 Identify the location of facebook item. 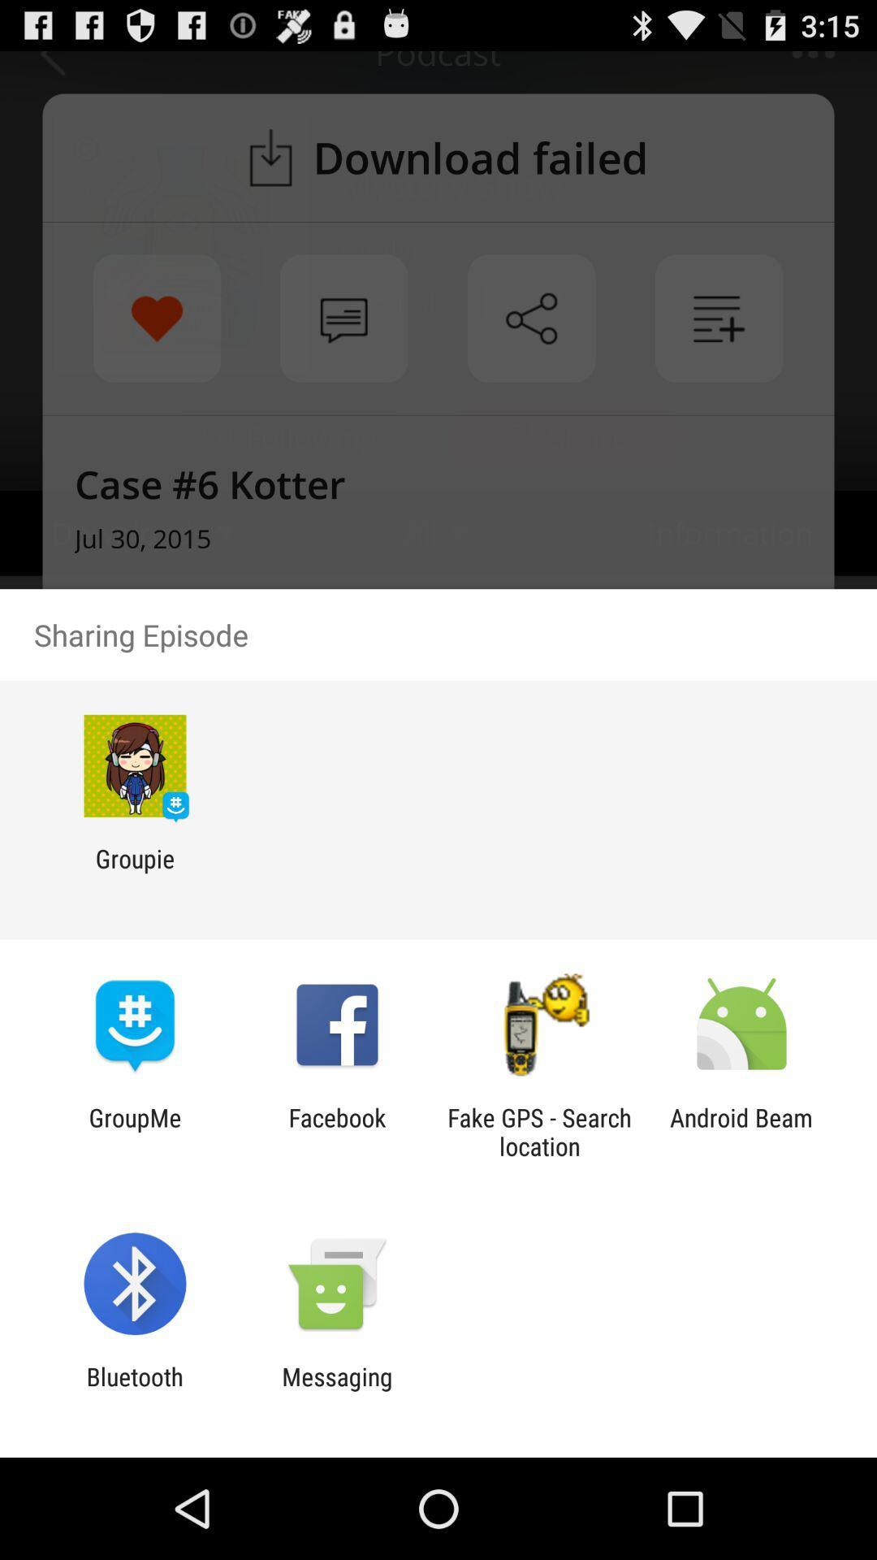
(336, 1131).